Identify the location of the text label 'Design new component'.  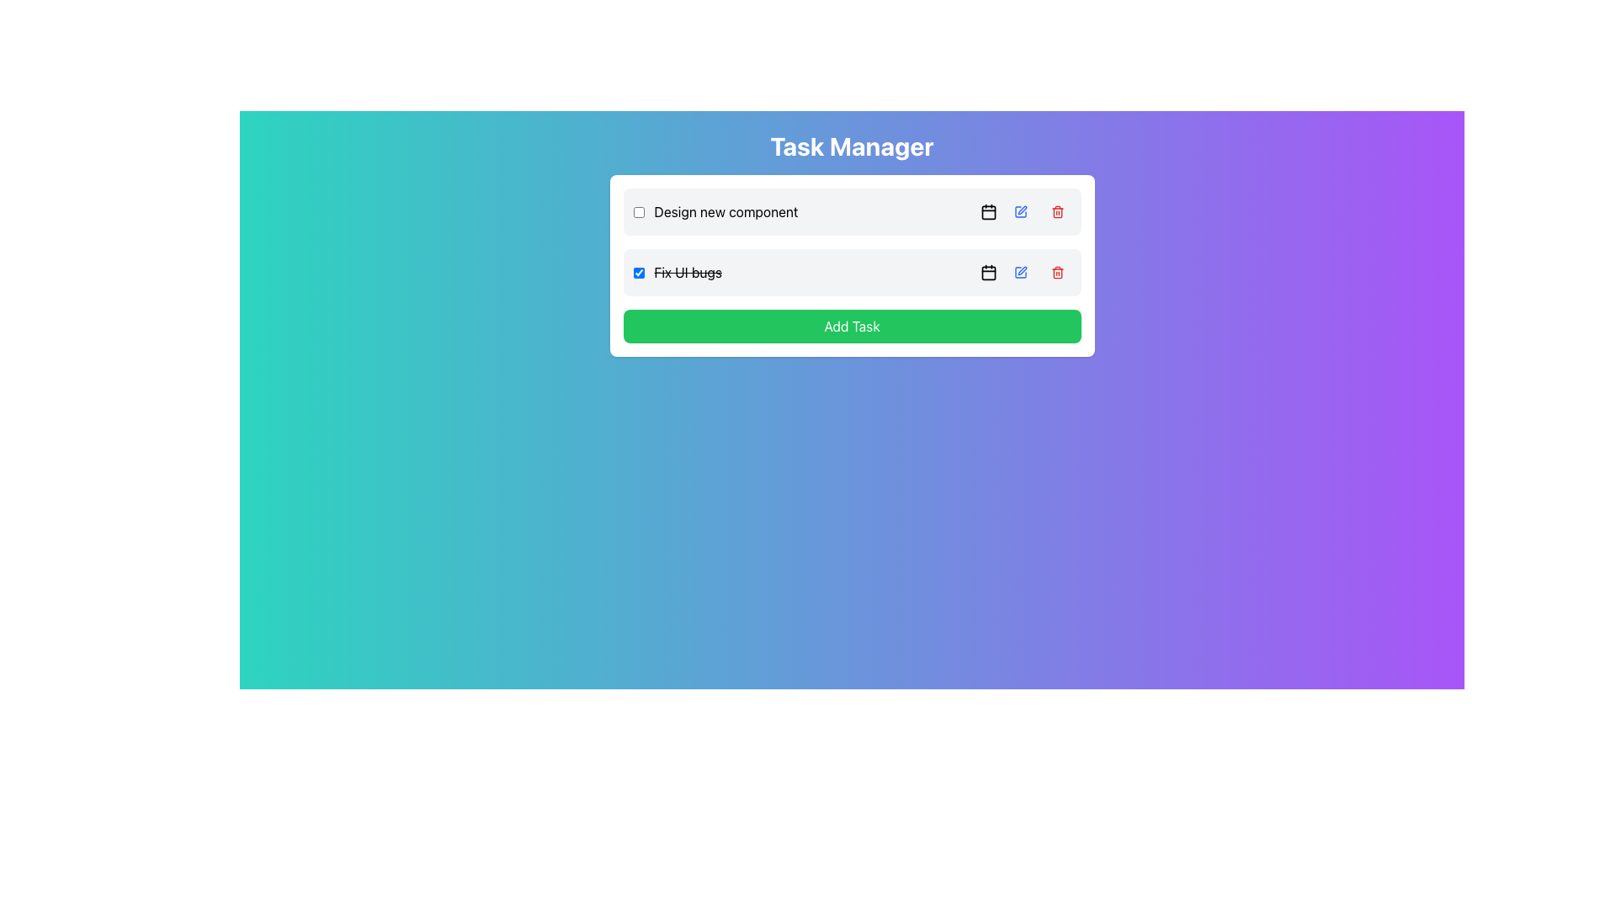
(726, 210).